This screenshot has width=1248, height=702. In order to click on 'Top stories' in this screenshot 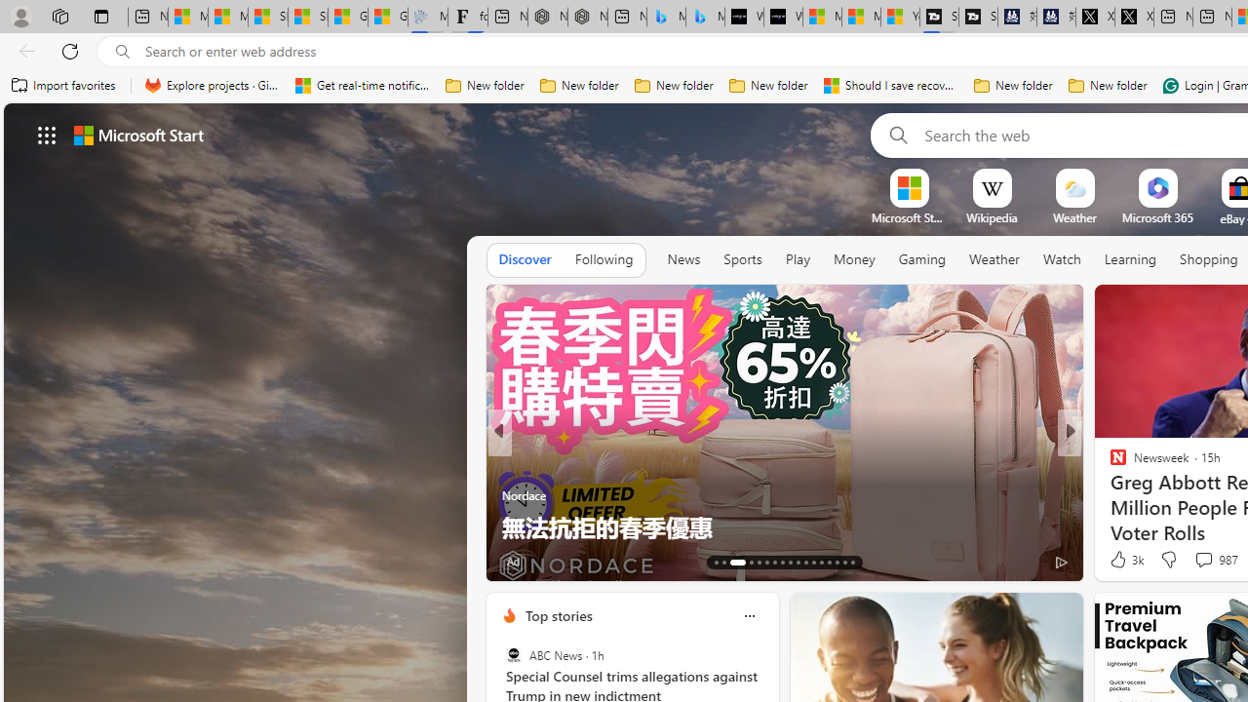, I will do `click(557, 615)`.